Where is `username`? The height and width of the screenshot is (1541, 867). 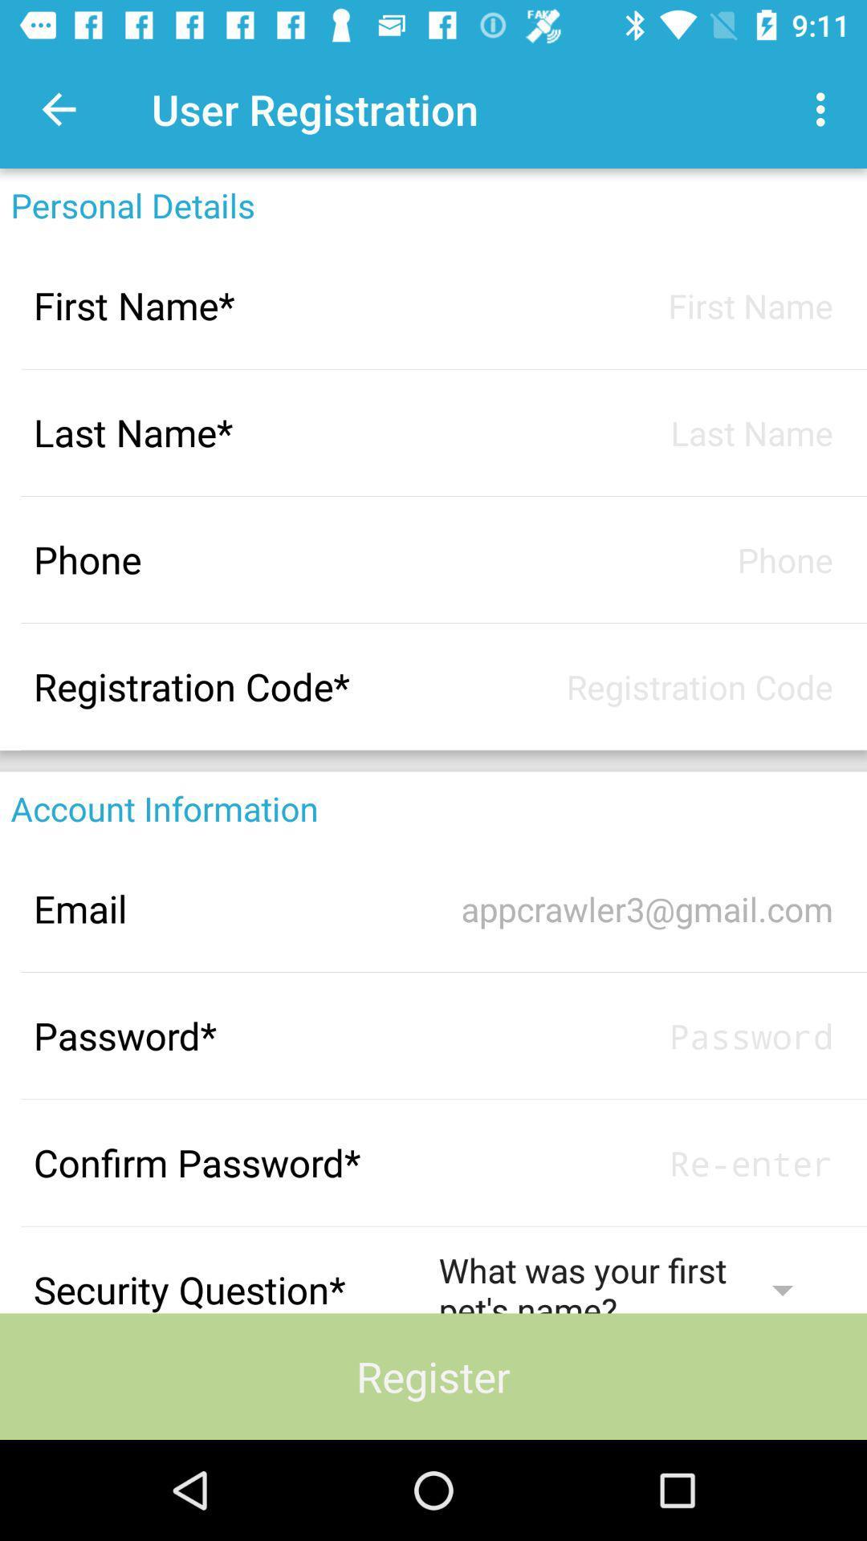 username is located at coordinates (635, 1035).